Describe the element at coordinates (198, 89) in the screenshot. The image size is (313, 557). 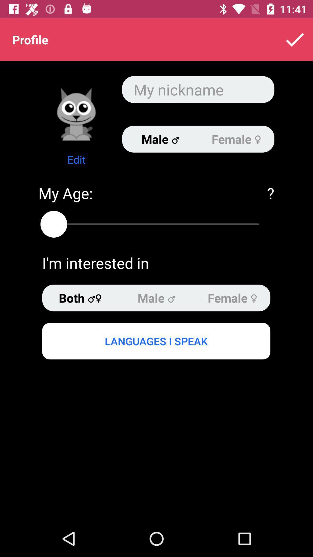
I see `nickname` at that location.